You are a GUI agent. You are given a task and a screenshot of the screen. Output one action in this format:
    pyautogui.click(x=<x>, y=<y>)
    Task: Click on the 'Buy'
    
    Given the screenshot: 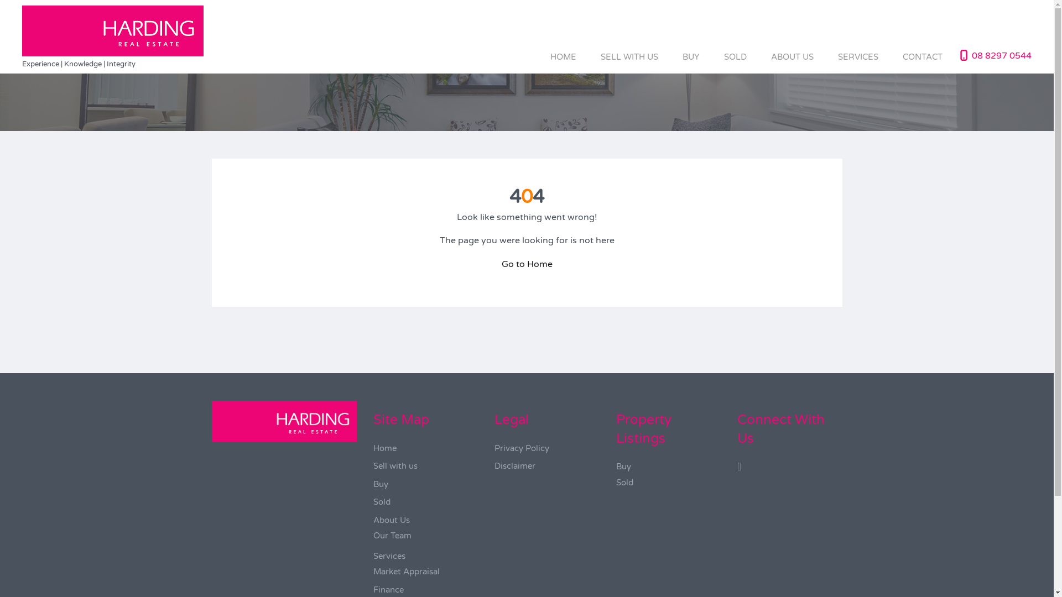 What is the action you would take?
    pyautogui.click(x=373, y=483)
    